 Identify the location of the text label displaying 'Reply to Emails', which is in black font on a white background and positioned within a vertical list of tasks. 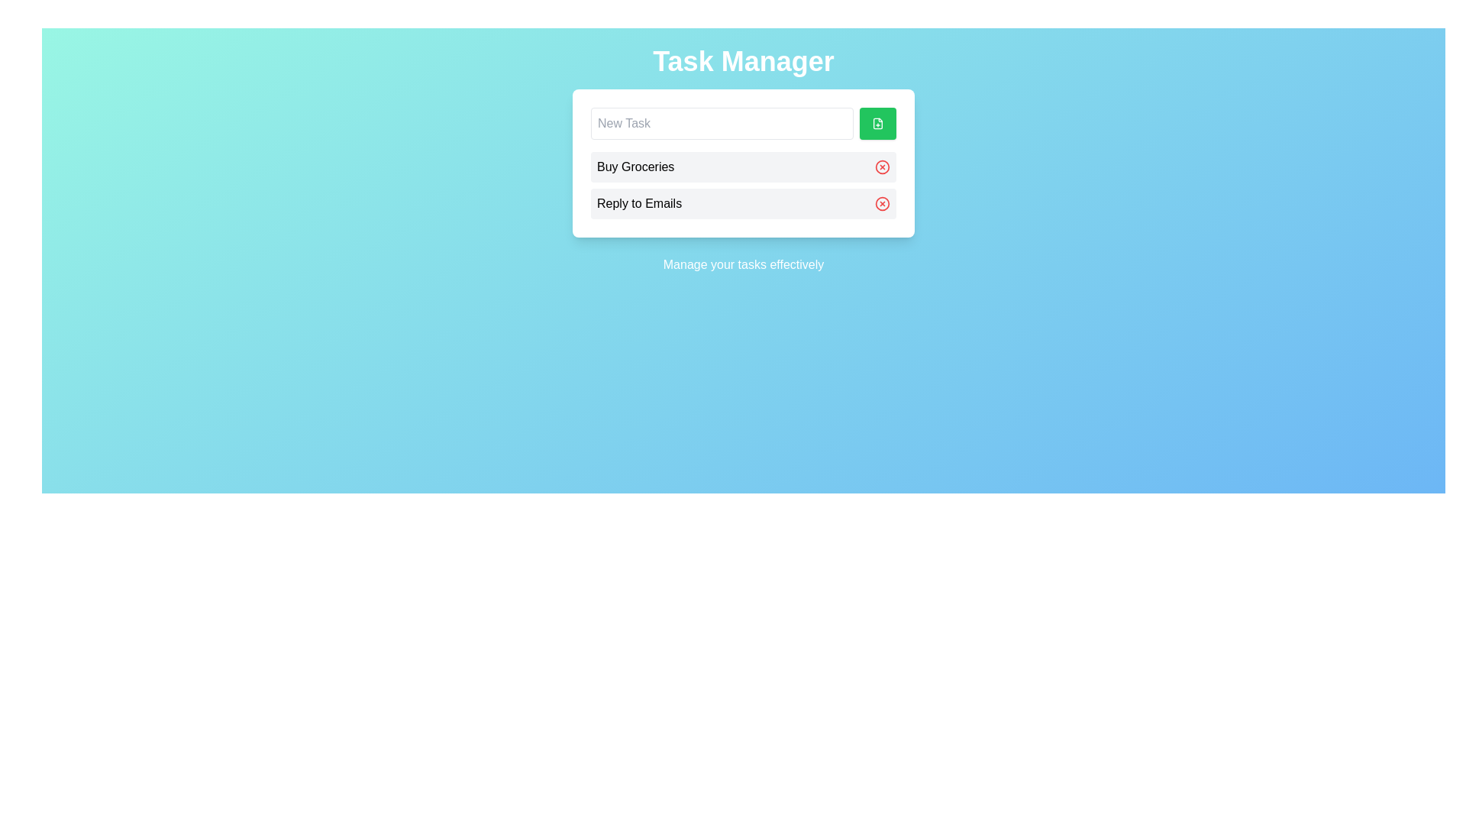
(639, 202).